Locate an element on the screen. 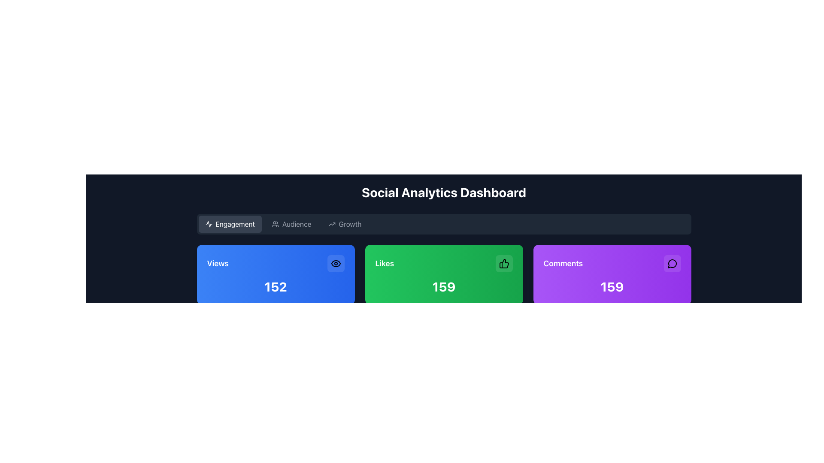 Image resolution: width=824 pixels, height=463 pixels. the eye icon representing visibility or view count in the 'Views' section of the dashboard, located next to the text '152' is located at coordinates (335, 263).